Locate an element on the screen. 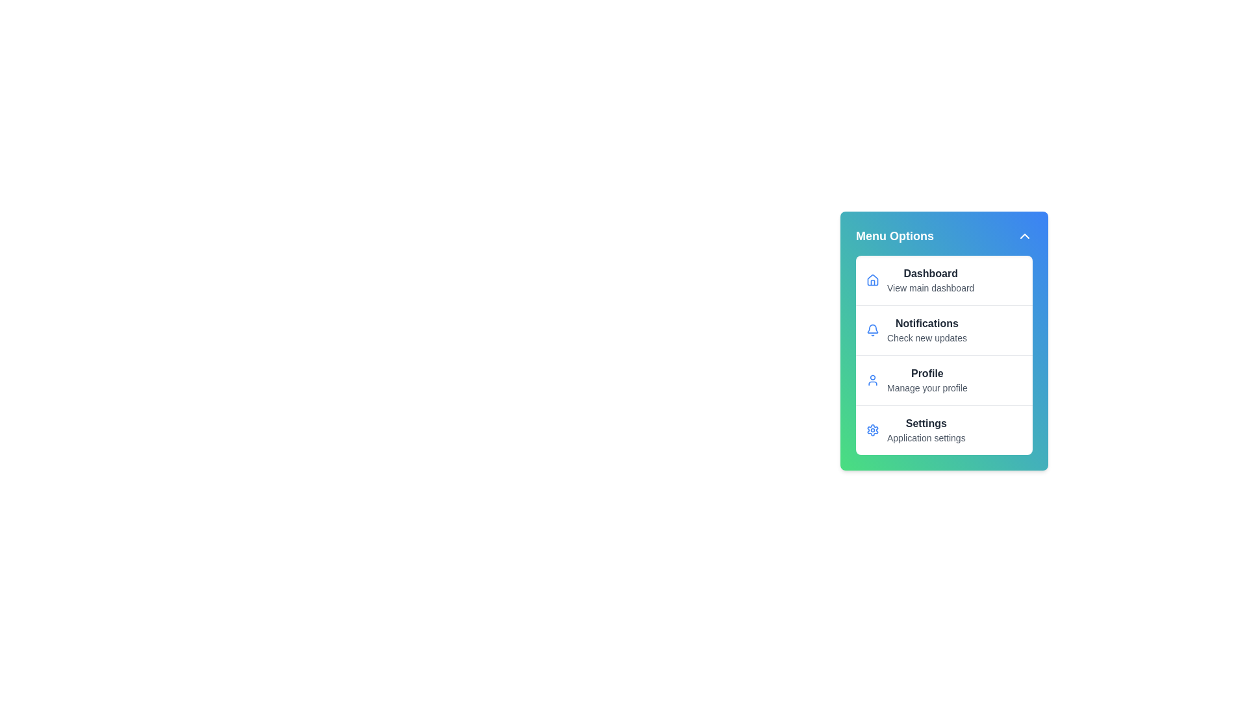  the menu item Dashboard is located at coordinates (944, 280).